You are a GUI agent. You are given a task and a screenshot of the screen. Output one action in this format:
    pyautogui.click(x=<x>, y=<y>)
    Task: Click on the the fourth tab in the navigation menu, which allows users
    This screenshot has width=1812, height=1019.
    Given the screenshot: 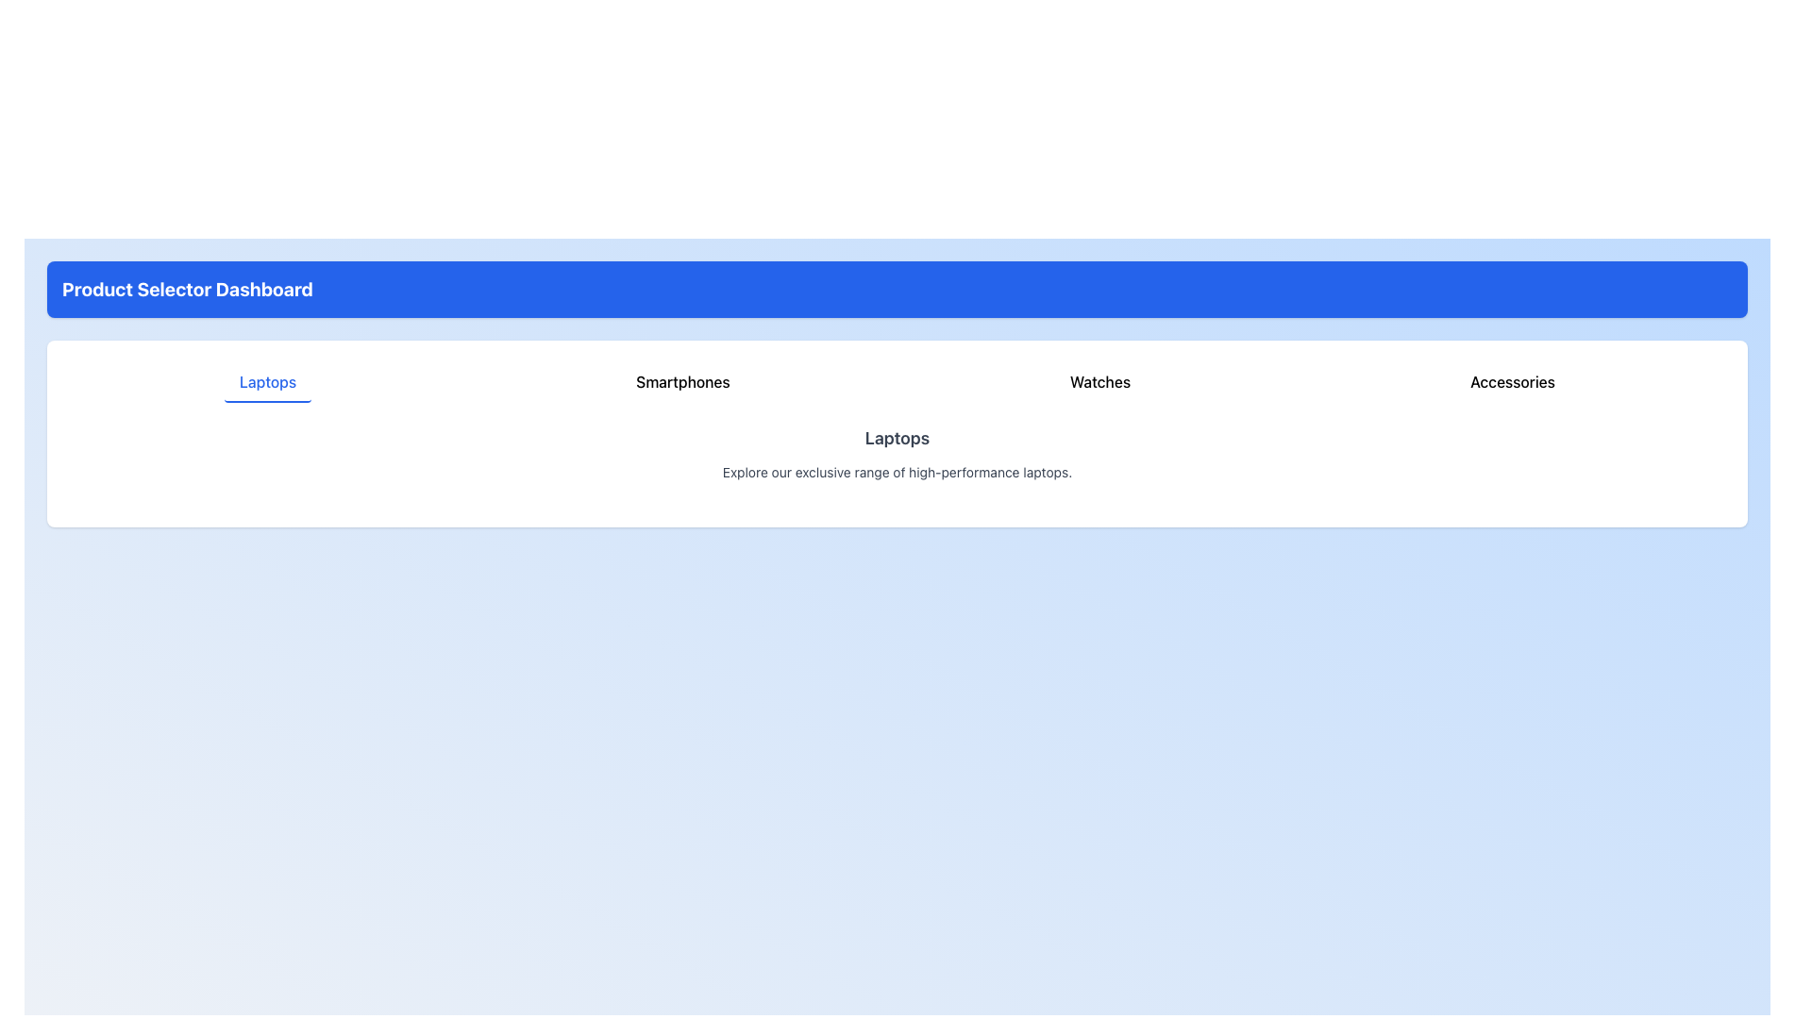 What is the action you would take?
    pyautogui.click(x=1513, y=382)
    